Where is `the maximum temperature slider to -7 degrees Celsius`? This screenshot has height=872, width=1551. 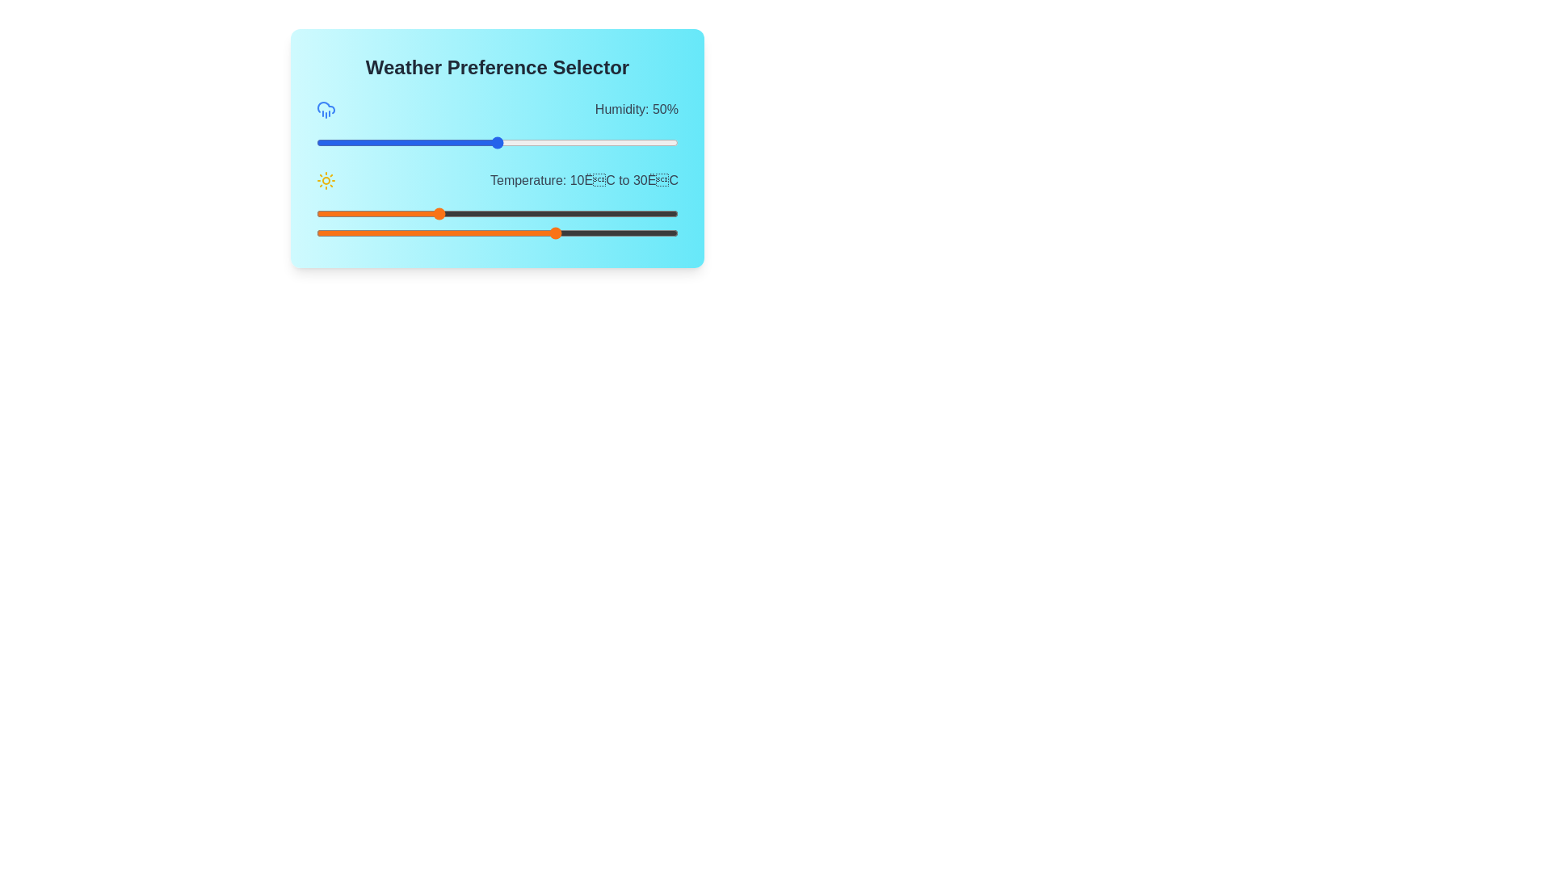 the maximum temperature slider to -7 degrees Celsius is located at coordinates (334, 233).